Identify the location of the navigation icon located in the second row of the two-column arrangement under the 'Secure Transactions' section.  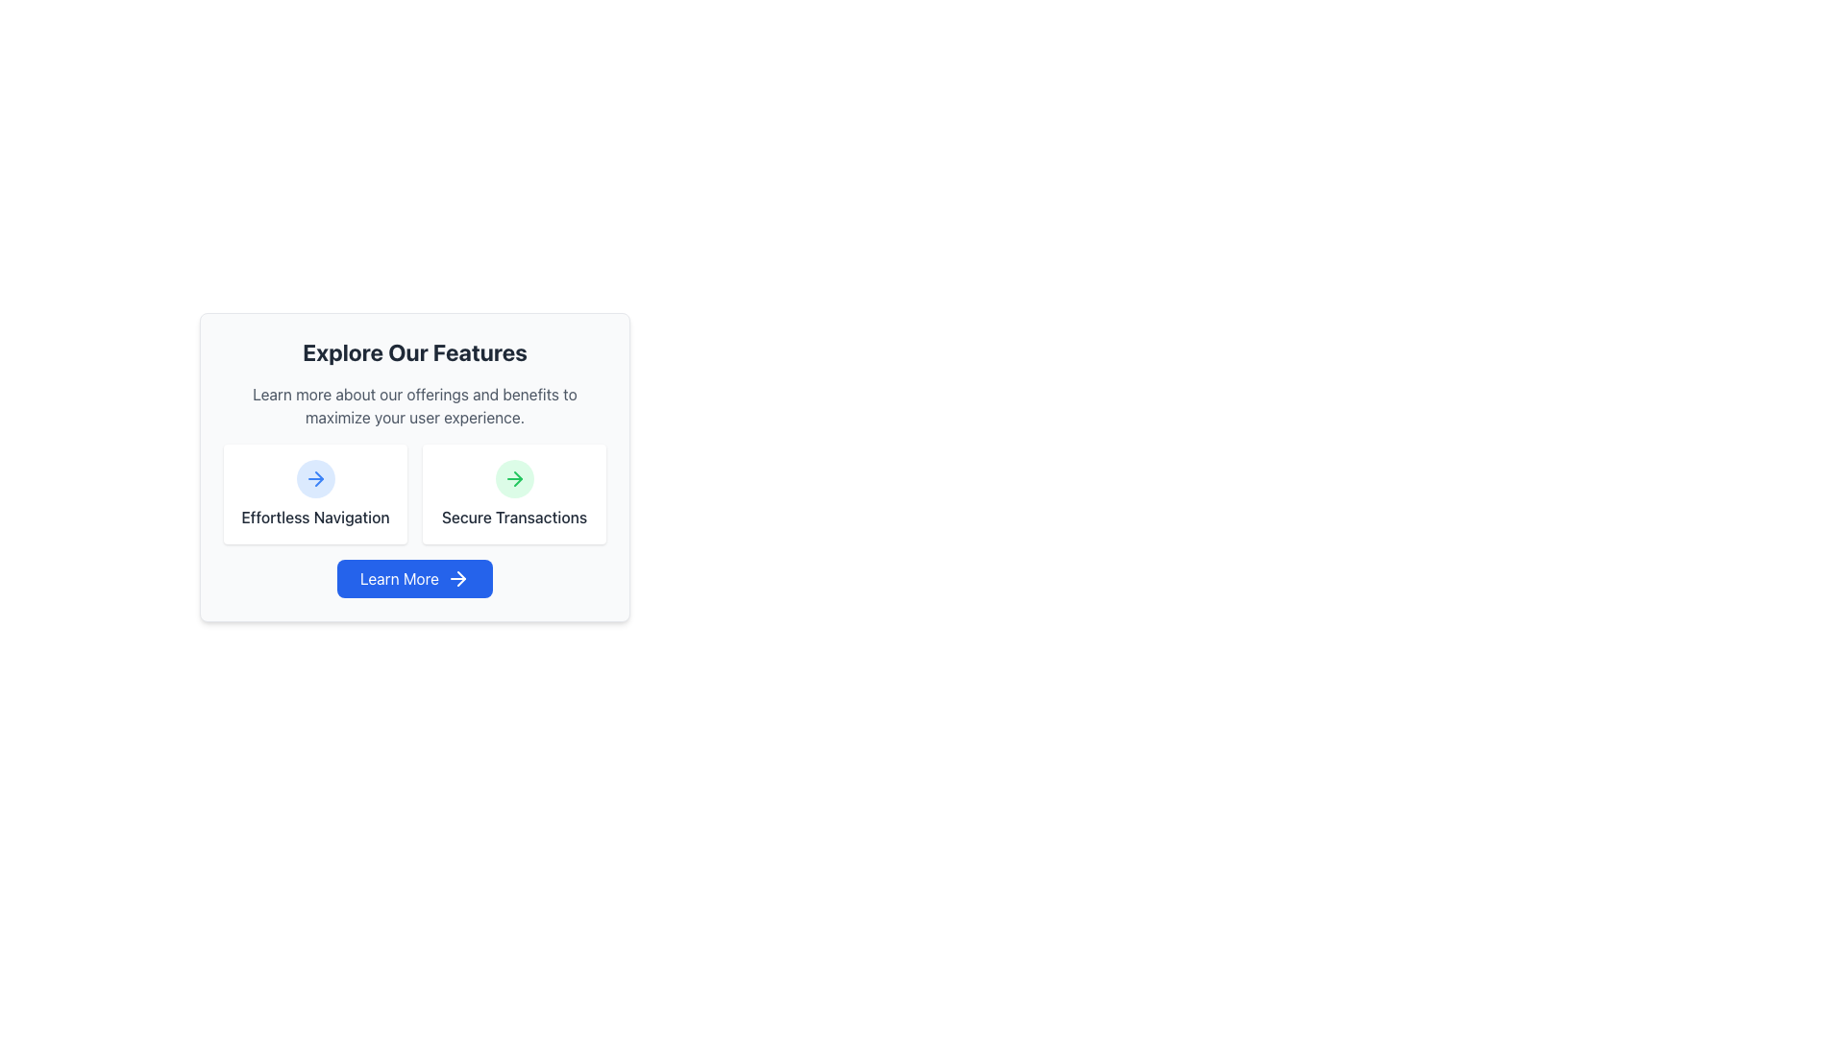
(514, 477).